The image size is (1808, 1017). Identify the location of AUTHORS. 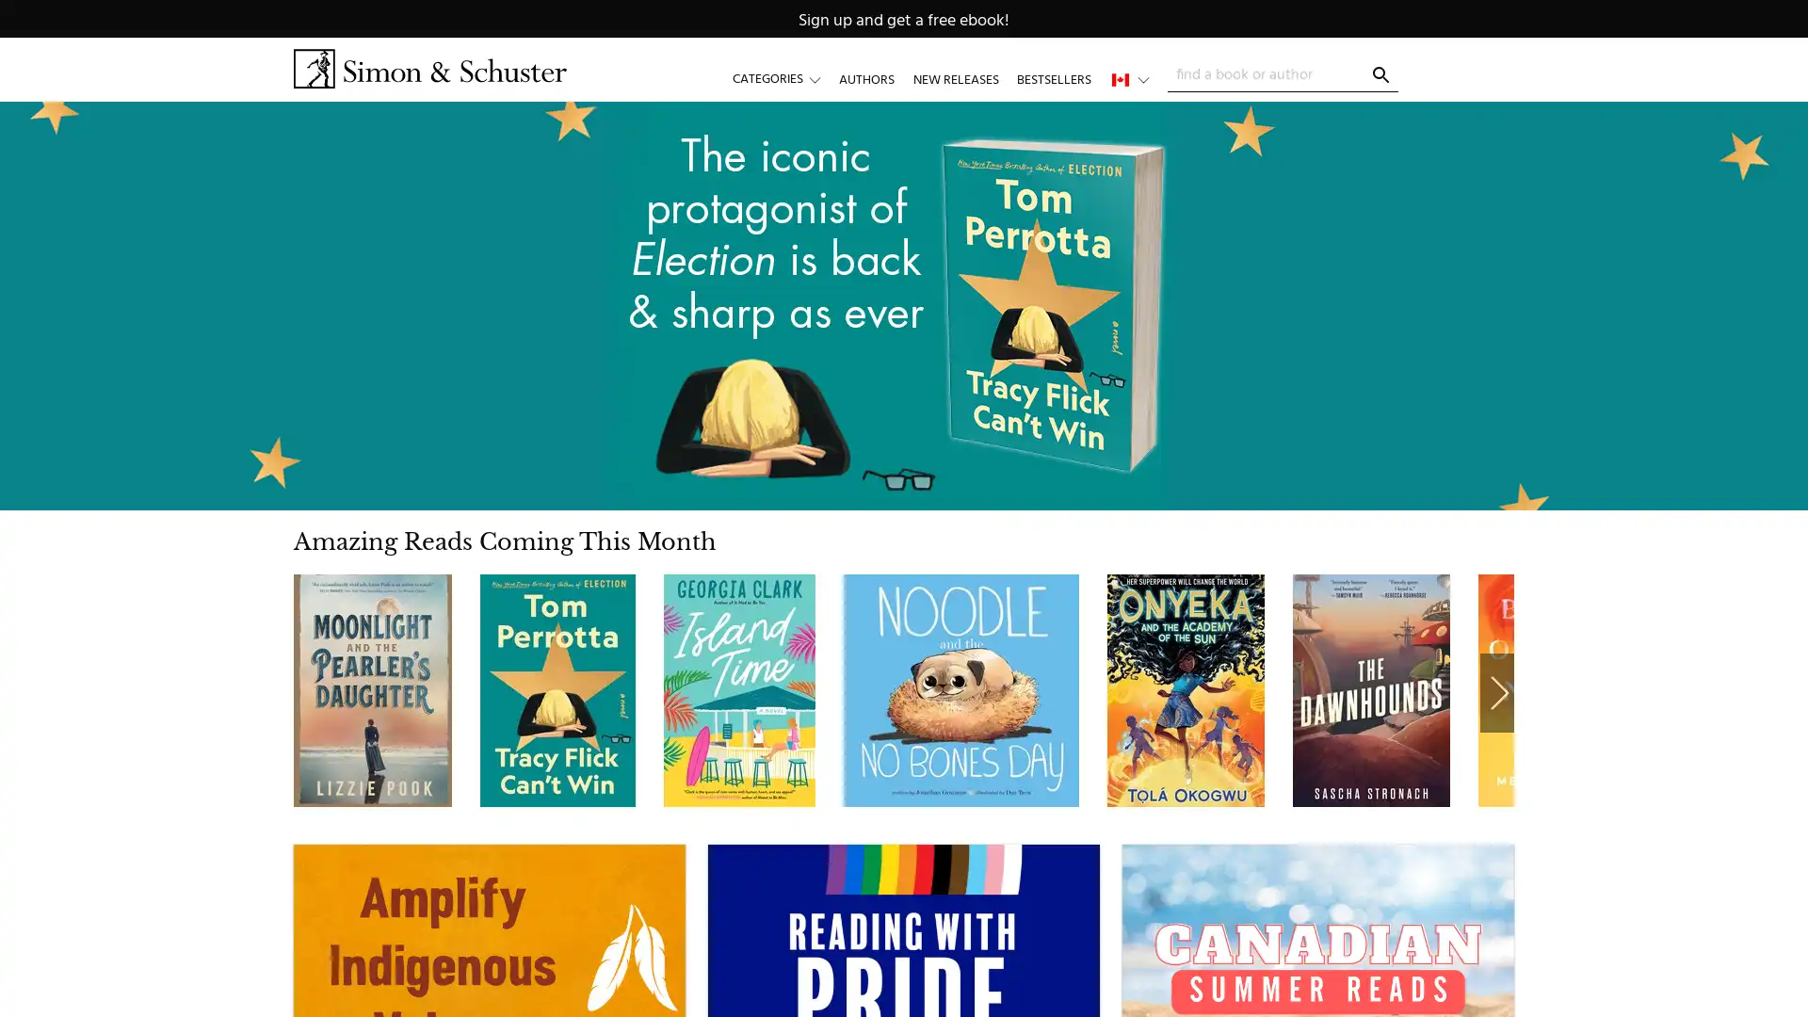
(865, 78).